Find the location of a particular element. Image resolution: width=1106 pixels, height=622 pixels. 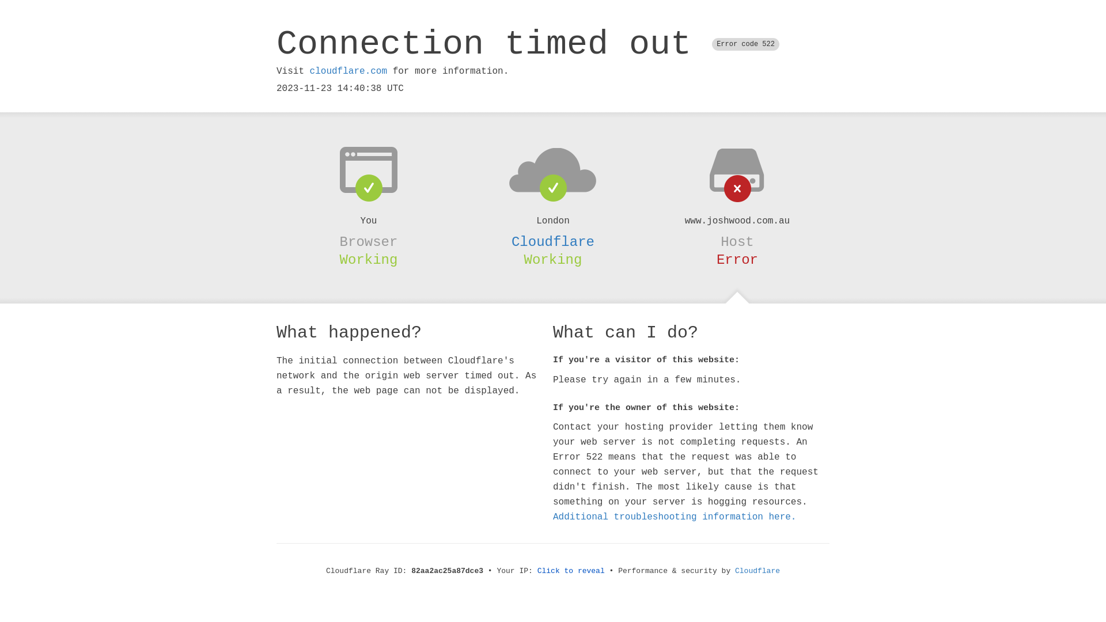

'Cloudflare' is located at coordinates (757, 571).